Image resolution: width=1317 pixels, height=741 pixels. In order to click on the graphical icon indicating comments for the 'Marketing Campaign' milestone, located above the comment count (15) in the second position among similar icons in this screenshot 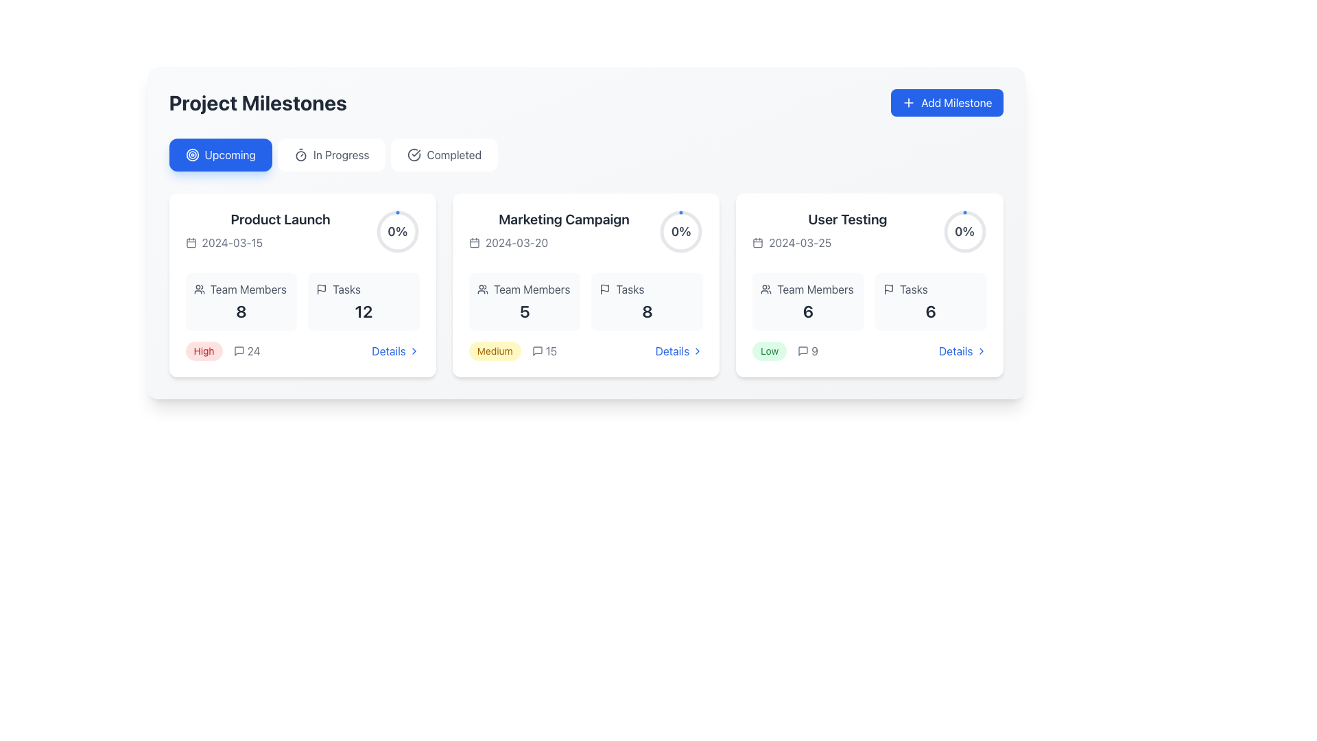, I will do `click(536, 351)`.